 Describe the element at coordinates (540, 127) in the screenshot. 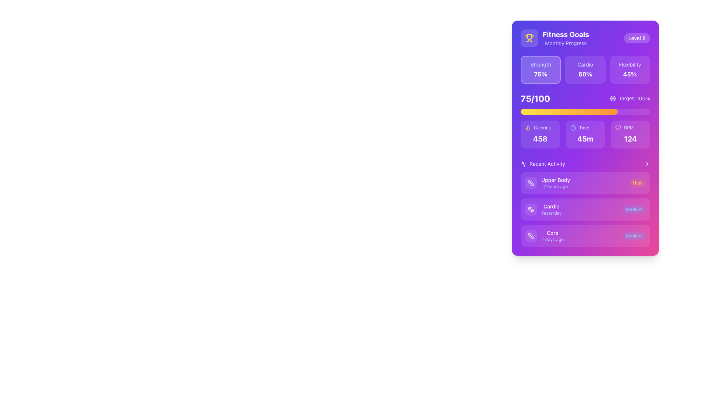

I see `the label identifying calories burned or consumed, located in the upper-left corner of the summary card section, directly above the numerical value '458'` at that location.